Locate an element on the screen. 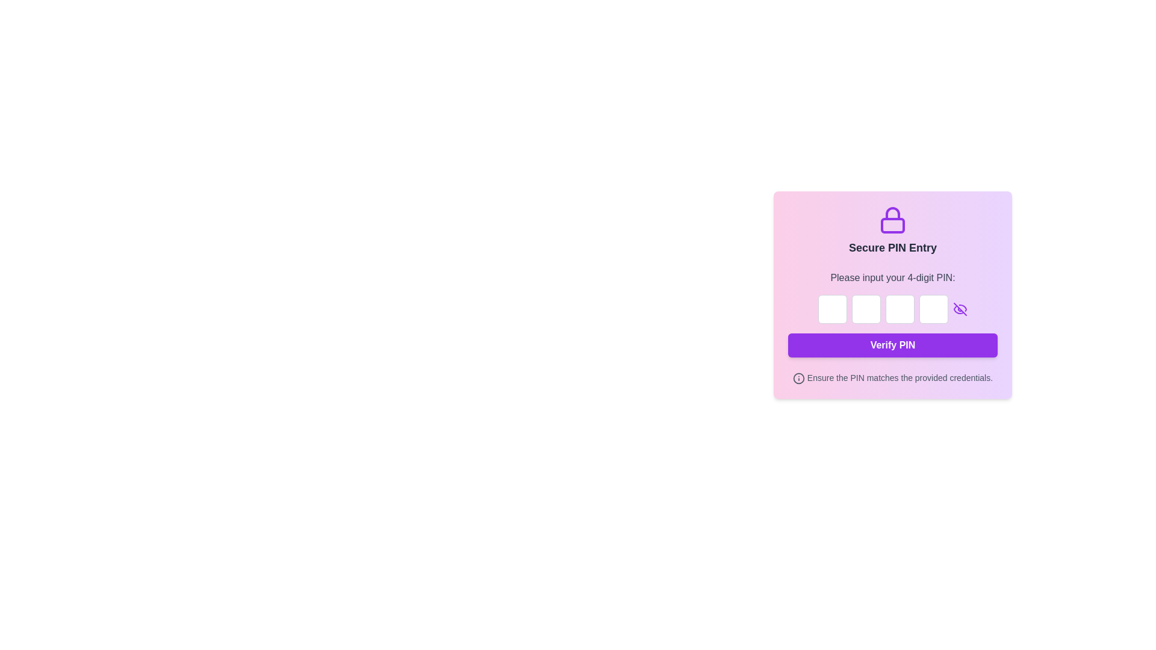 The image size is (1156, 650). the text label that instructs 'Please input your 4-digit PIN:', which is styled in gray and center-aligned, located below the header 'Secure PIN Entry' is located at coordinates (893, 278).